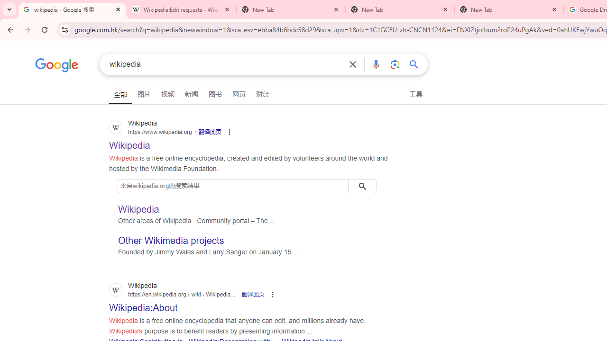  What do you see at coordinates (5, 5) in the screenshot?
I see `'System'` at bounding box center [5, 5].